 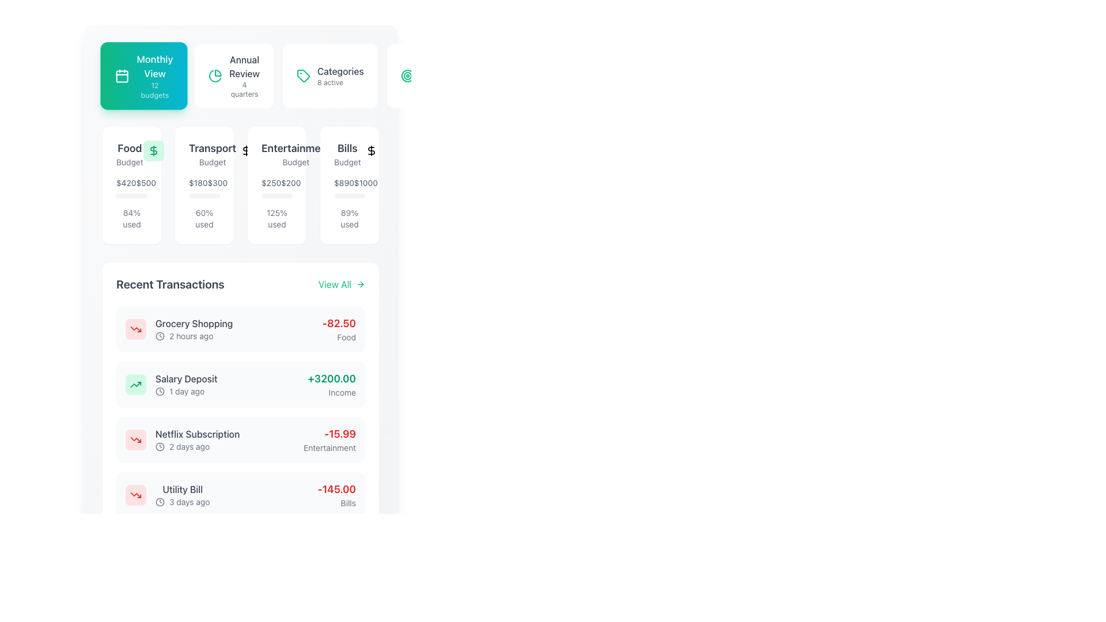 What do you see at coordinates (340, 75) in the screenshot?
I see `the 'Categories' label, which displays 'Categories' in a larger font and '8 active' underneath in a smaller, faded font, located in the third item of the navigation bar` at bounding box center [340, 75].